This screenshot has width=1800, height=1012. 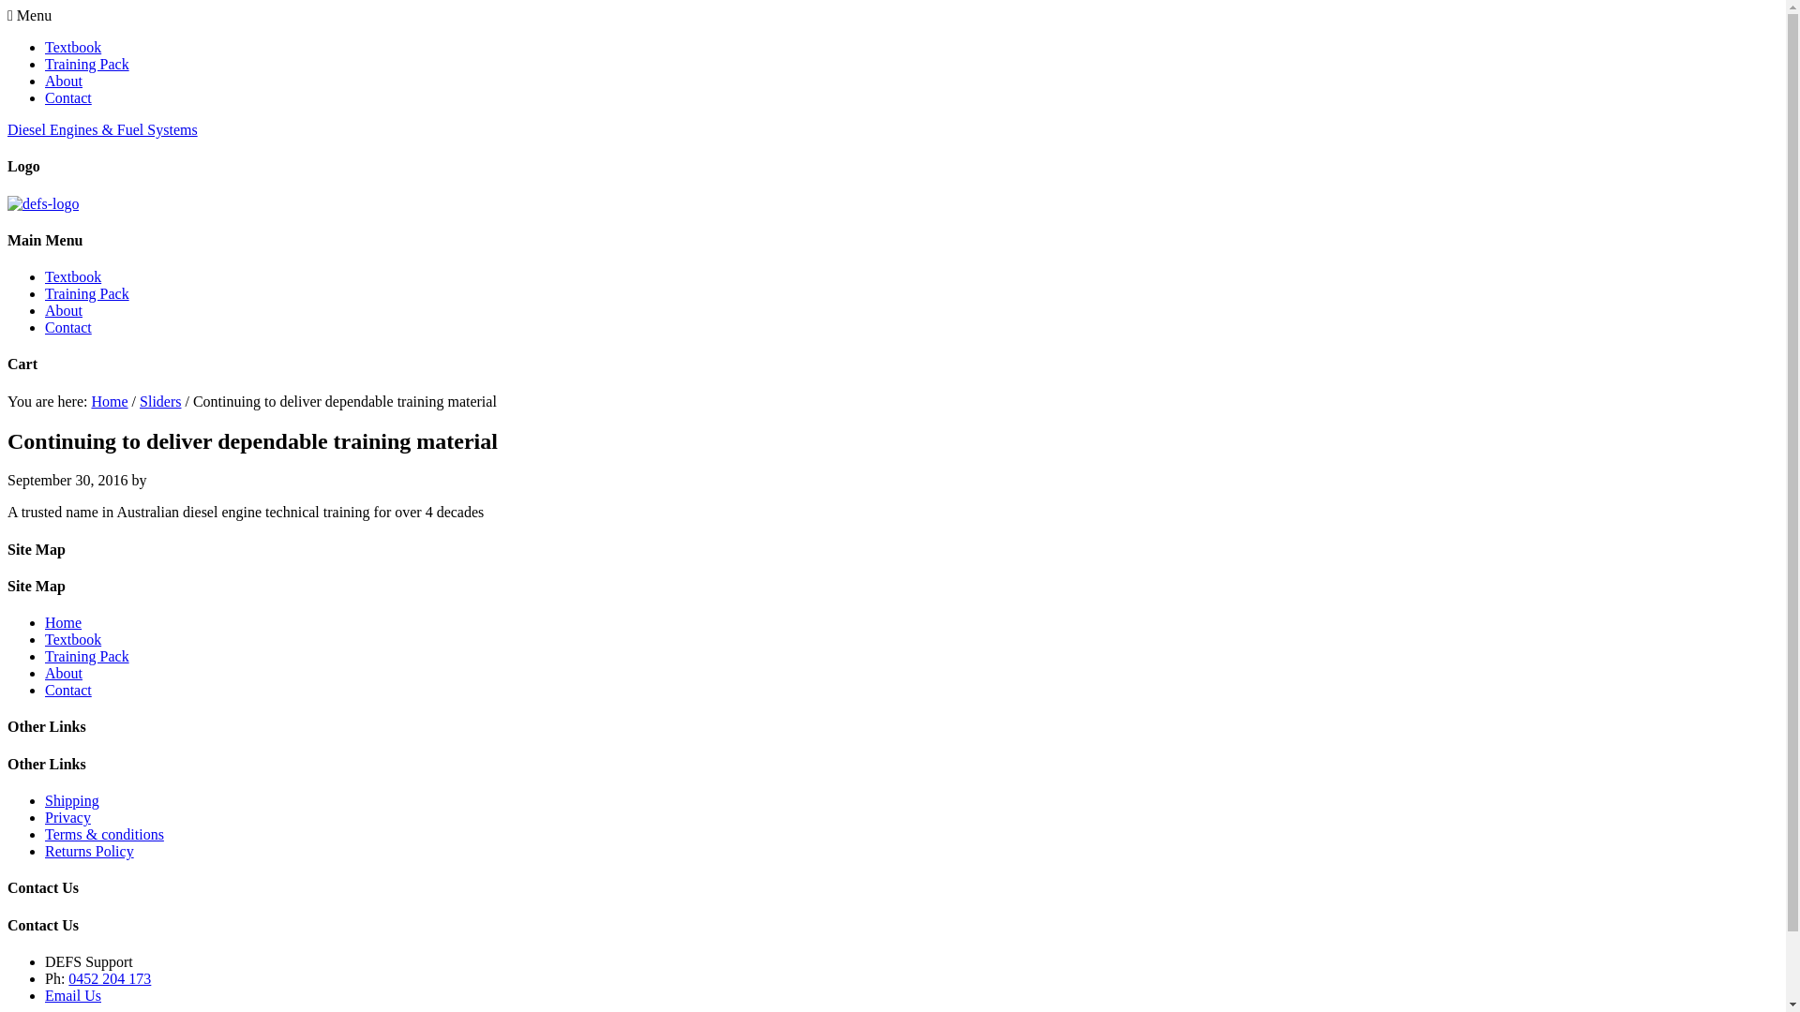 I want to click on 'Returns Policy', so click(x=45, y=851).